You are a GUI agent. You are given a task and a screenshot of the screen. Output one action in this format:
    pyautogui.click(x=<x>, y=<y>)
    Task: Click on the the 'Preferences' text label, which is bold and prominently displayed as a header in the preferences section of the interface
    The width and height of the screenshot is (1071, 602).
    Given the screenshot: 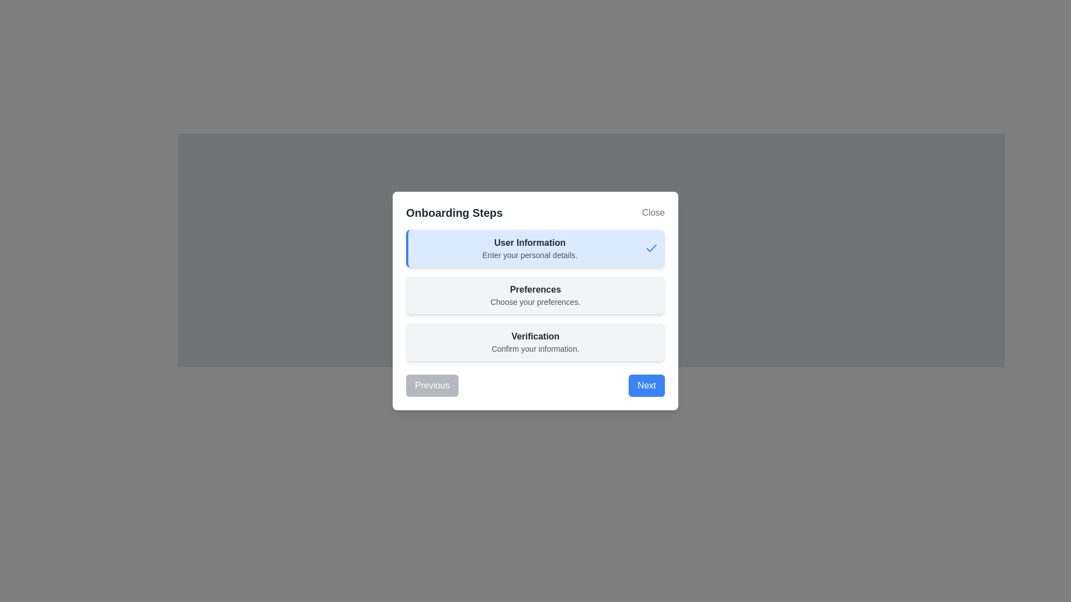 What is the action you would take?
    pyautogui.click(x=535, y=289)
    